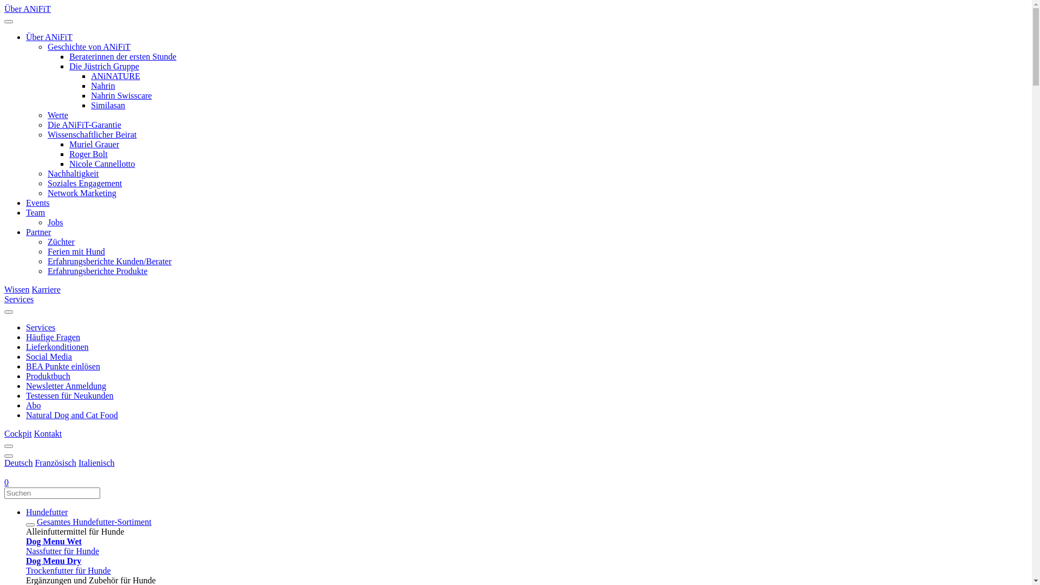  I want to click on 'Similasan', so click(108, 105).